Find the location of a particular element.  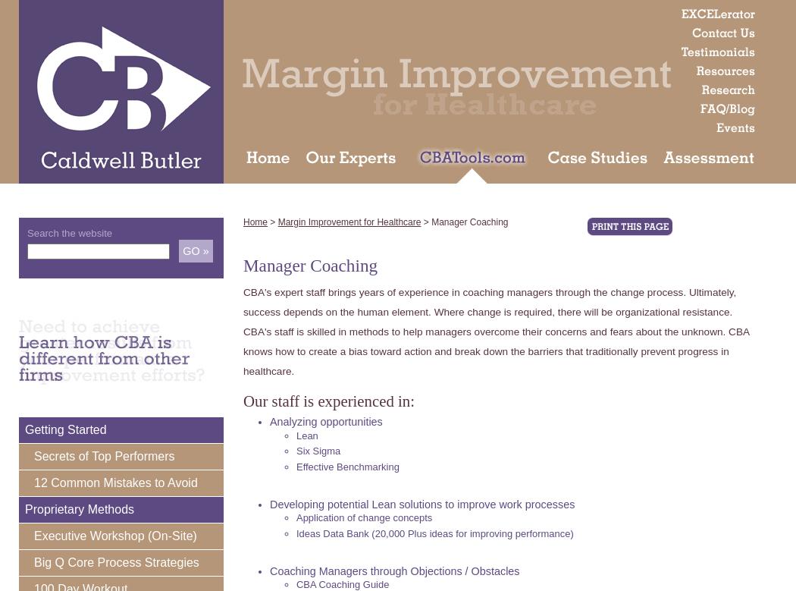

'Executive Workshop (On-Site)' is located at coordinates (115, 535).